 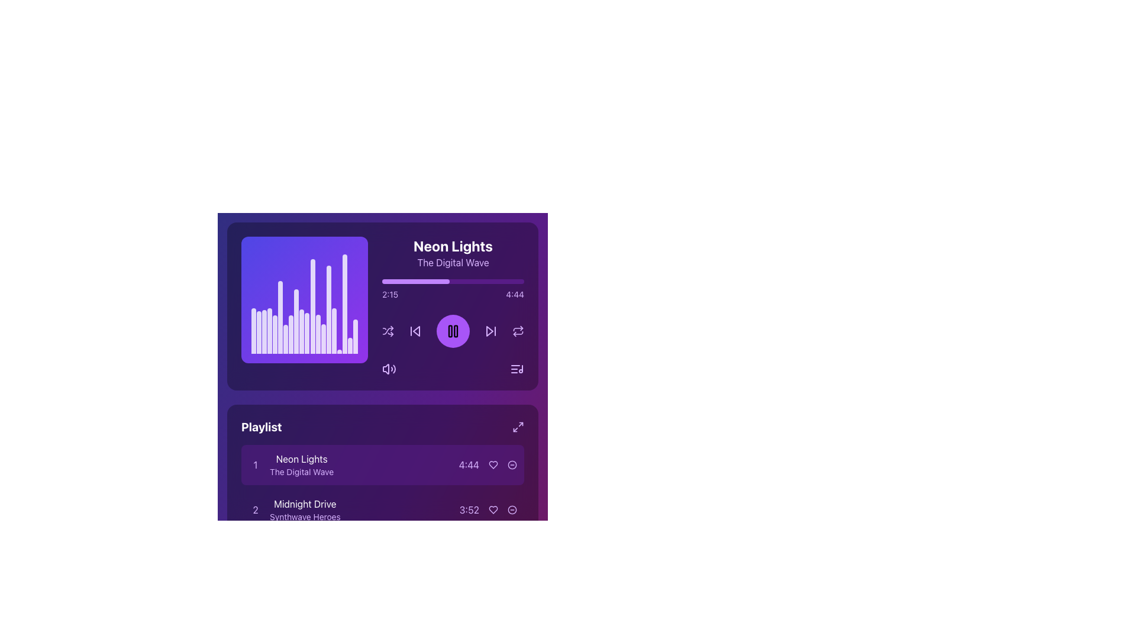 I want to click on the progress bar with a purple background, located beneath the title 'Neon Lights' and 'The Digital Wave', so click(x=453, y=289).